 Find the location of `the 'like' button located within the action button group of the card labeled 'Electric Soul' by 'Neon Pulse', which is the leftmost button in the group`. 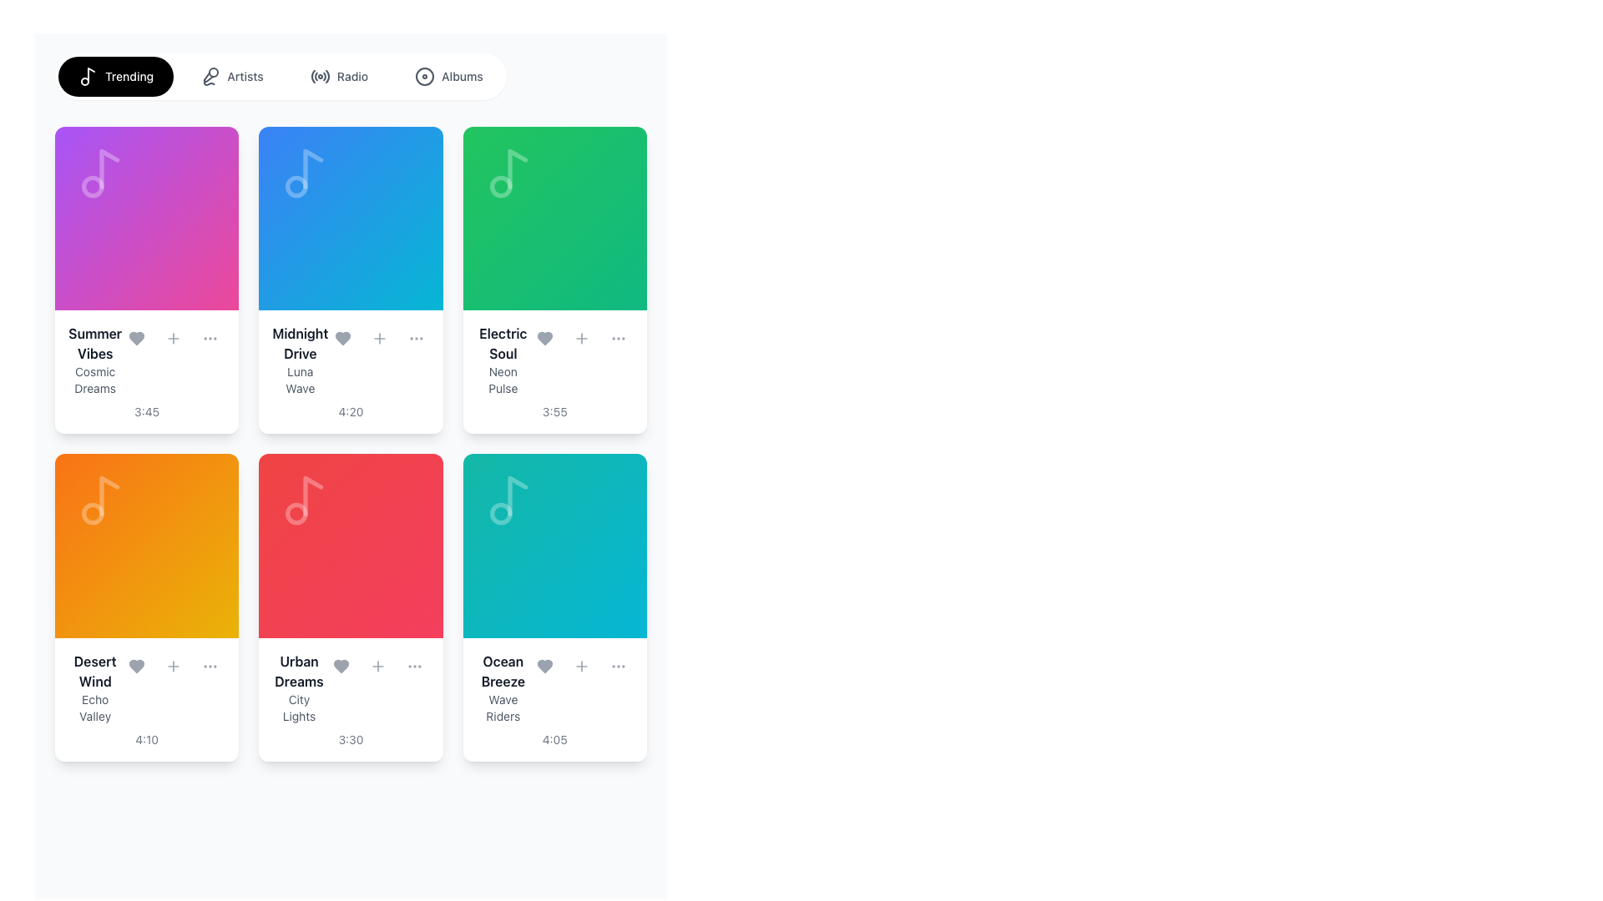

the 'like' button located within the action button group of the card labeled 'Electric Soul' by 'Neon Pulse', which is the leftmost button in the group is located at coordinates (544, 338).